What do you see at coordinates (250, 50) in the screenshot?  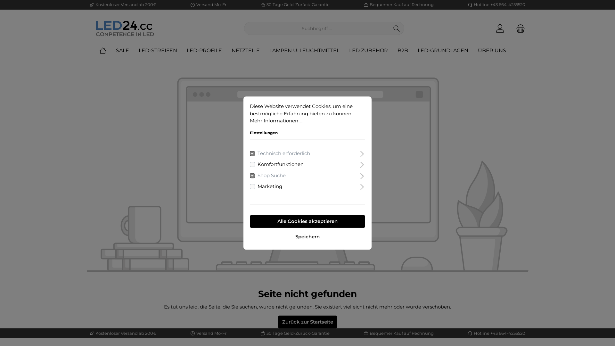 I see `'NETZTEILE'` at bounding box center [250, 50].